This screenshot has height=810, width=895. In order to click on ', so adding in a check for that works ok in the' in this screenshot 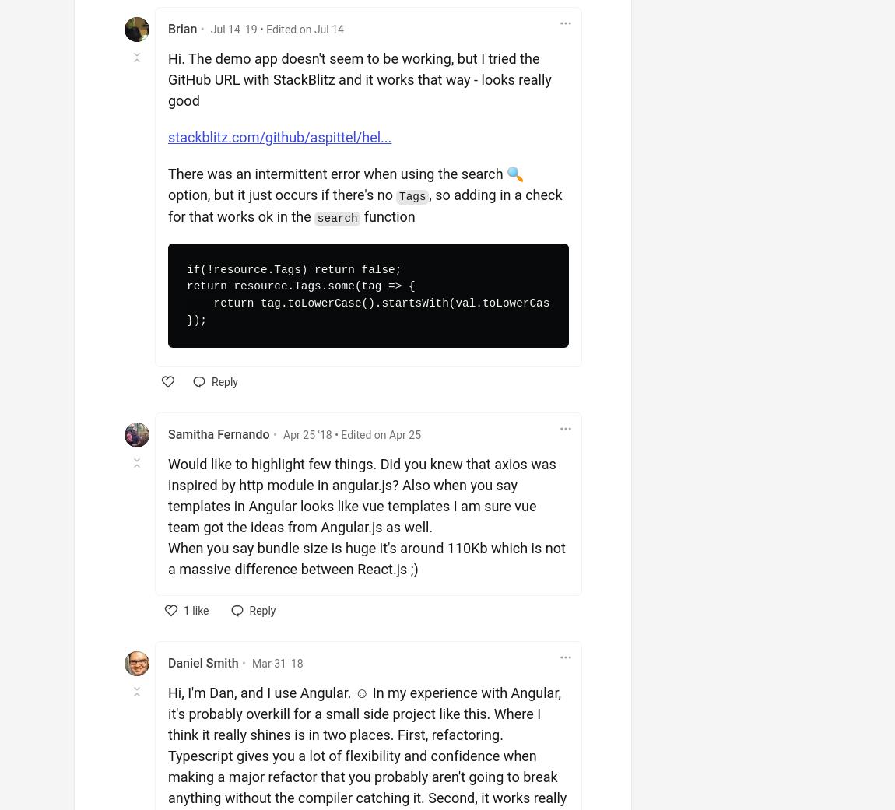, I will do `click(364, 205)`.